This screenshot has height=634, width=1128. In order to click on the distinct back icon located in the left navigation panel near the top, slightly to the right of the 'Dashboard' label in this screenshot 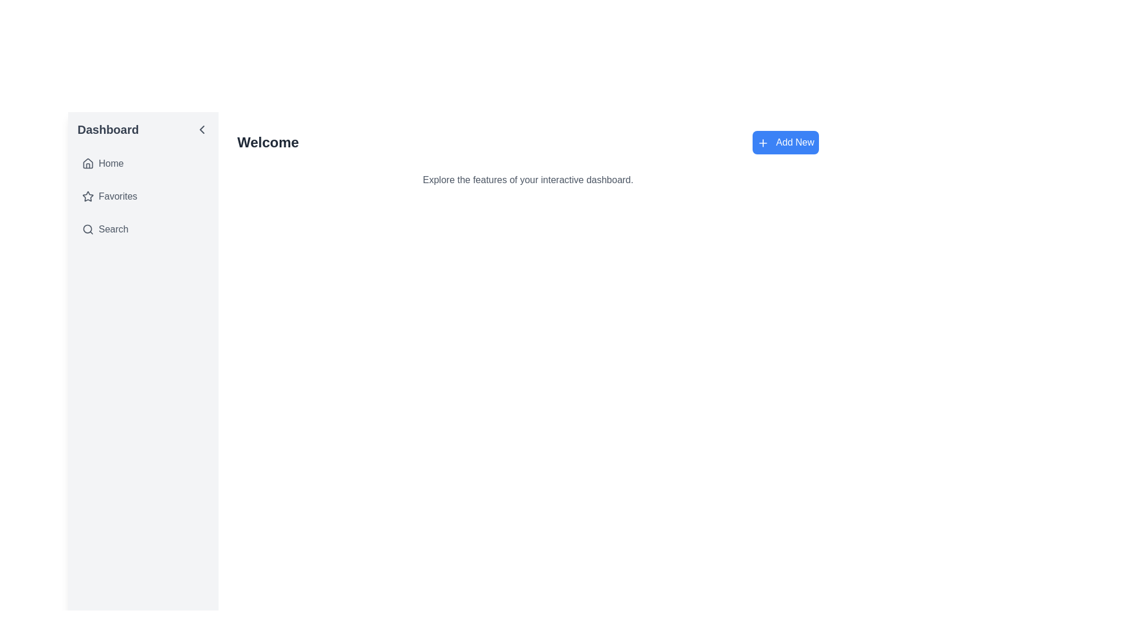, I will do `click(202, 129)`.